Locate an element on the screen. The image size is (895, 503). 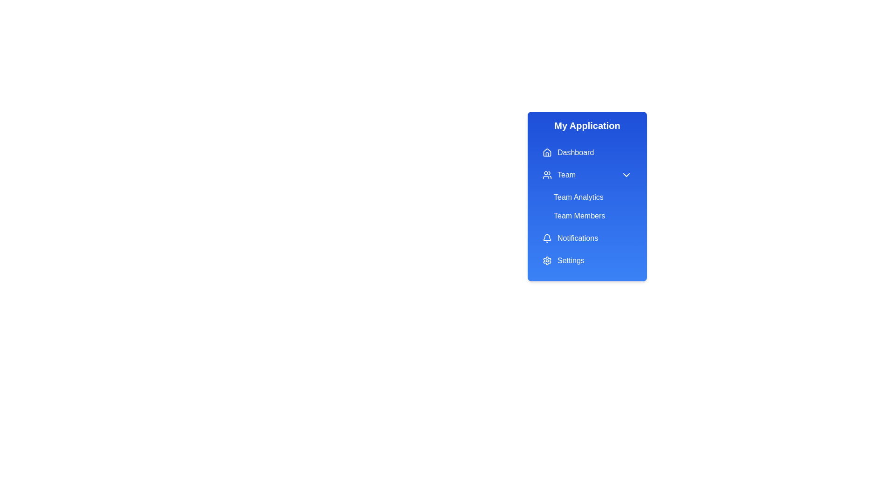
the chevron icon next to the 'Team' label in the vertically stacked navigation menu is located at coordinates (626, 175).